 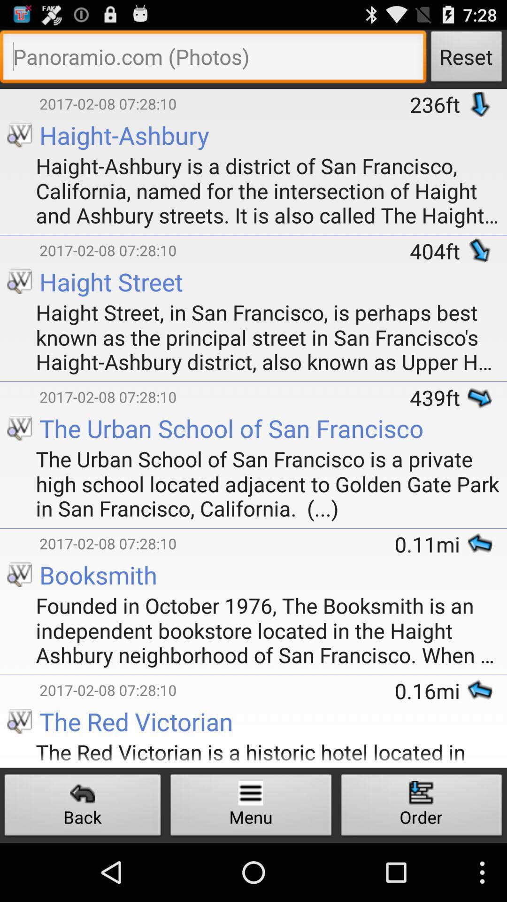 What do you see at coordinates (8, 739) in the screenshot?
I see `app next to the the red victorian` at bounding box center [8, 739].